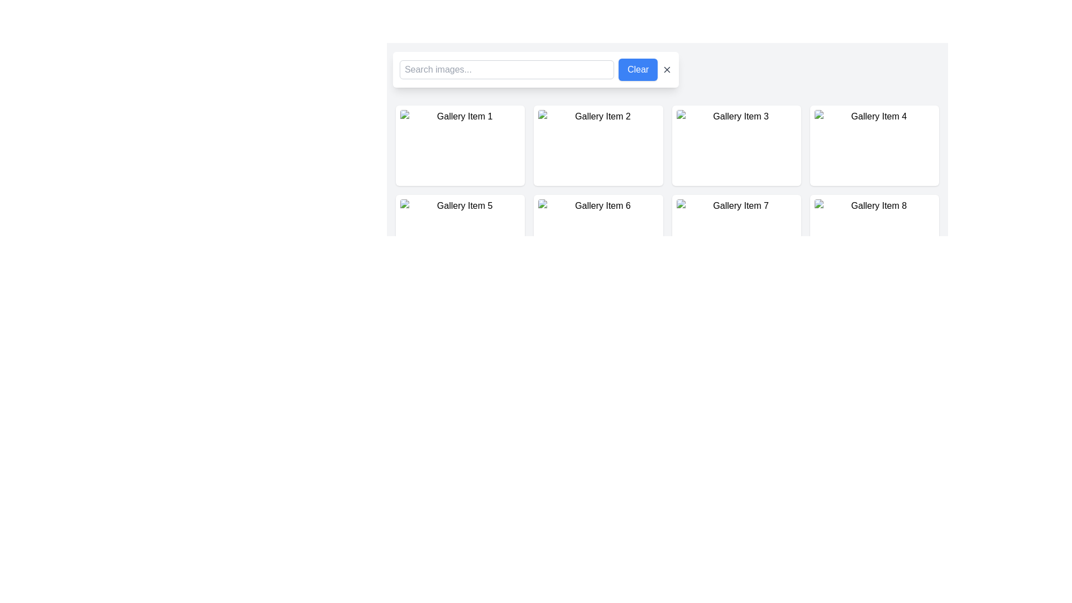  What do you see at coordinates (874, 234) in the screenshot?
I see `the Card representing 'Gallery Item 8' located in the fourth column and third row of the grid layout` at bounding box center [874, 234].